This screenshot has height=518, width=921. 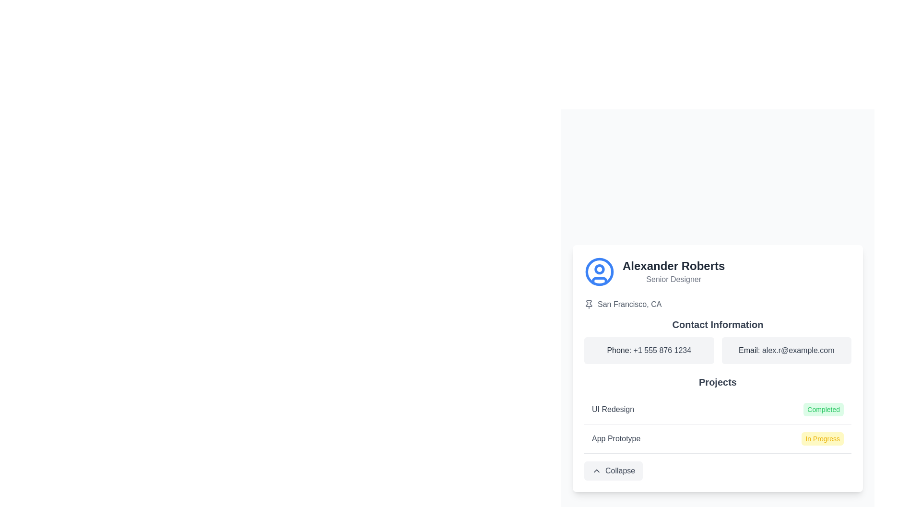 What do you see at coordinates (620, 350) in the screenshot?
I see `the Text label that describes the phone number, which is positioned to the left of the phone number '+1 555 876 1234' within the contact information card` at bounding box center [620, 350].